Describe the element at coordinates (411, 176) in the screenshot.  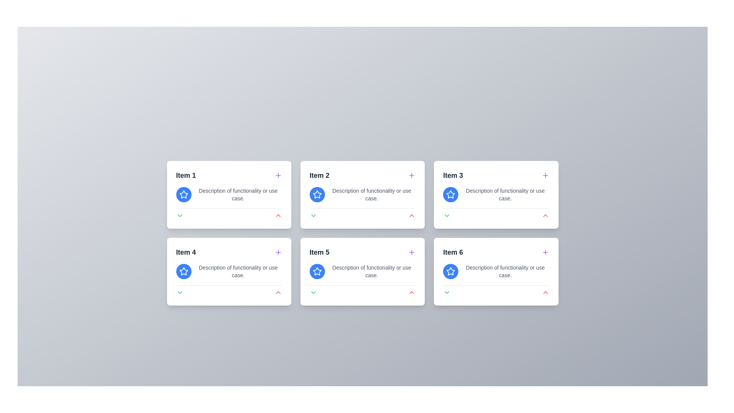
I see `the interactive button with an icon located at the top-right corner of the 'Item 2' card` at that location.